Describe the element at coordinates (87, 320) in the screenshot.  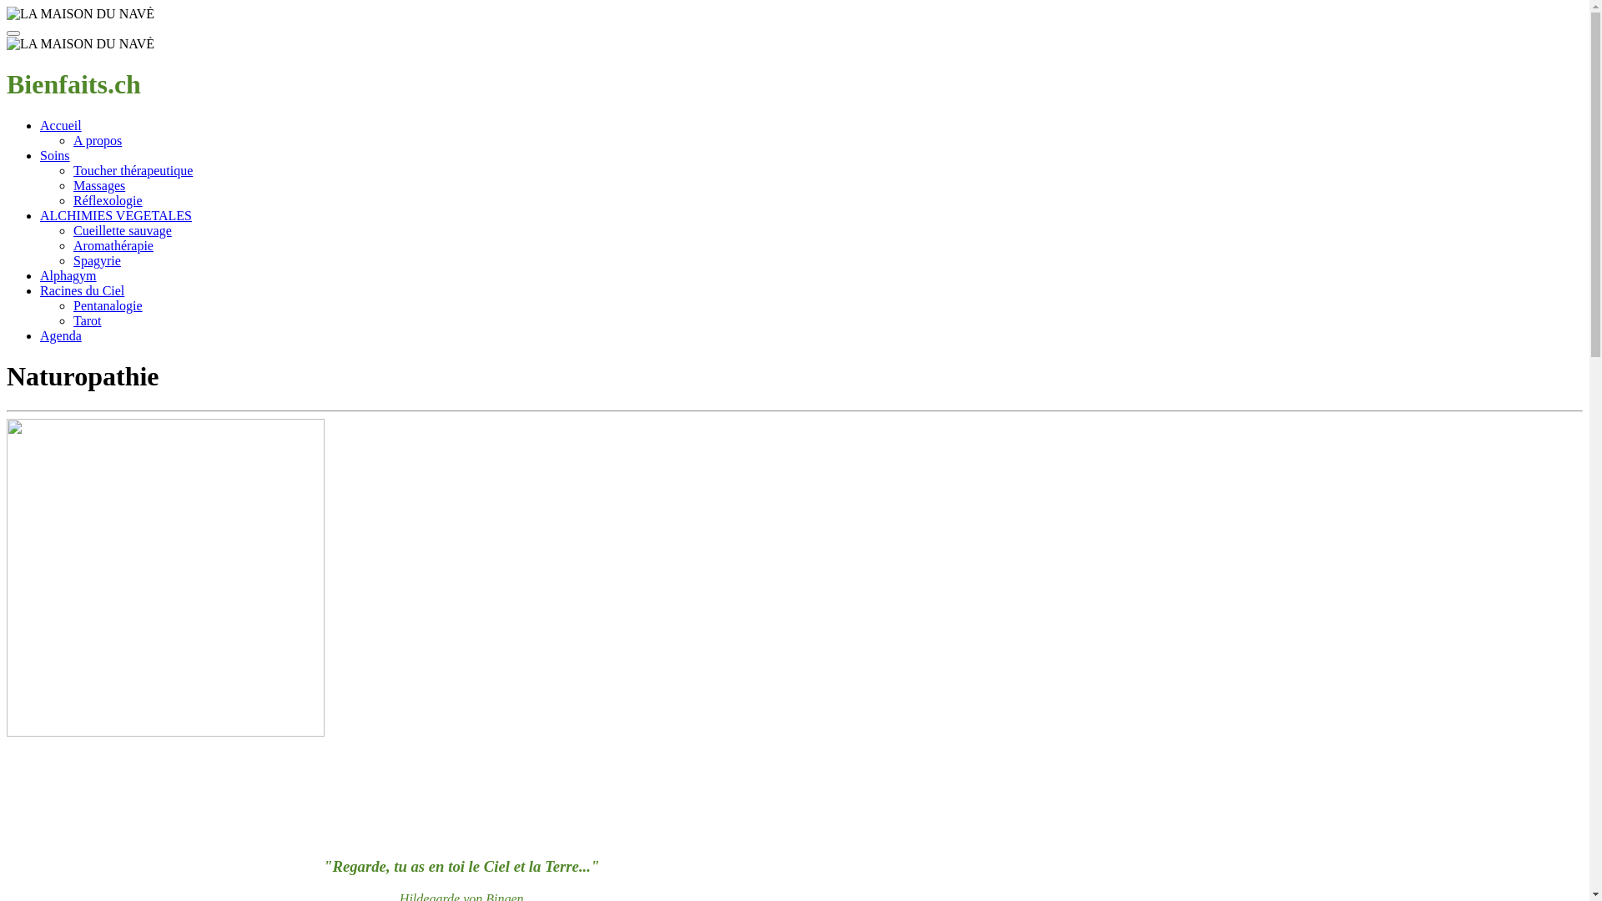
I see `'Tarot'` at that location.